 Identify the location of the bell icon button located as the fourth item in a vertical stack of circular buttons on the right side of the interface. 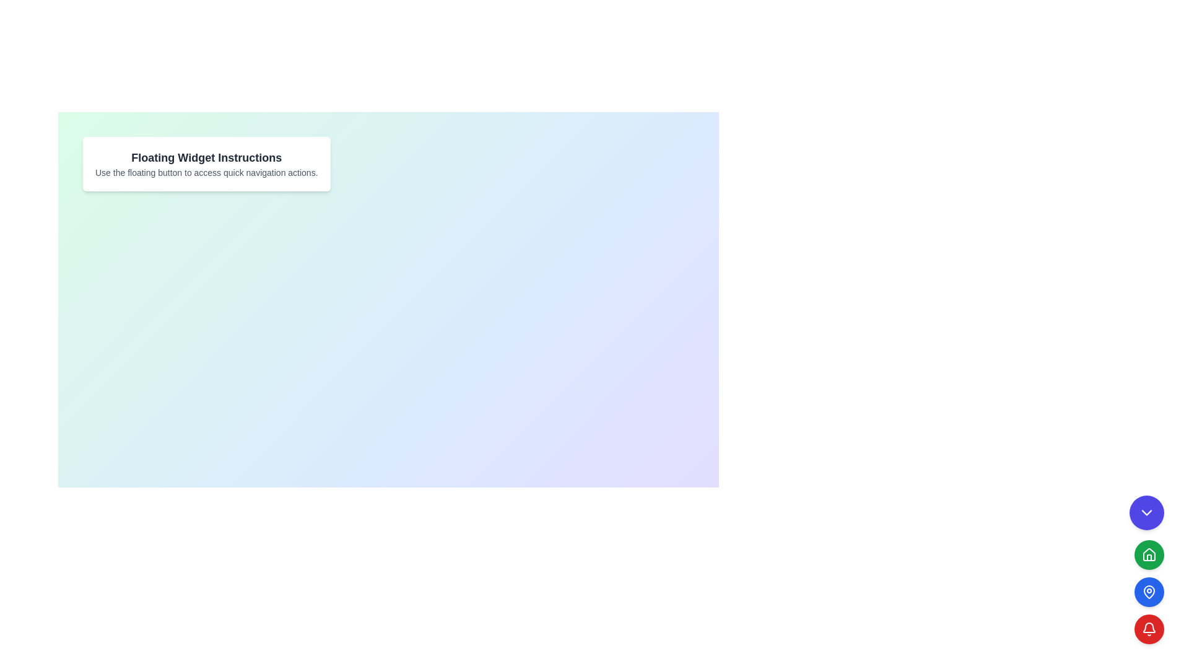
(1149, 629).